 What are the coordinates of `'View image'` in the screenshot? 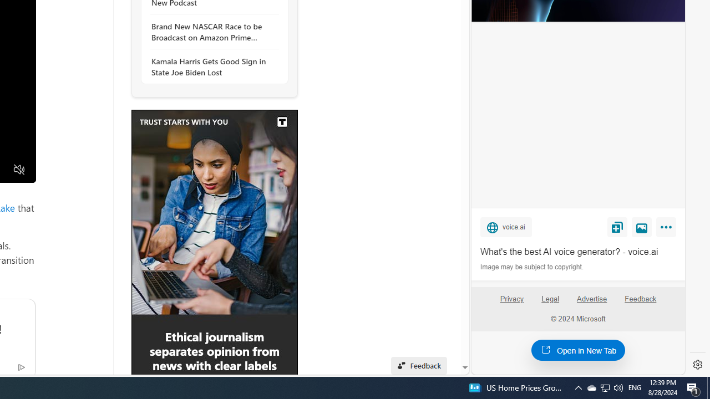 It's located at (642, 226).